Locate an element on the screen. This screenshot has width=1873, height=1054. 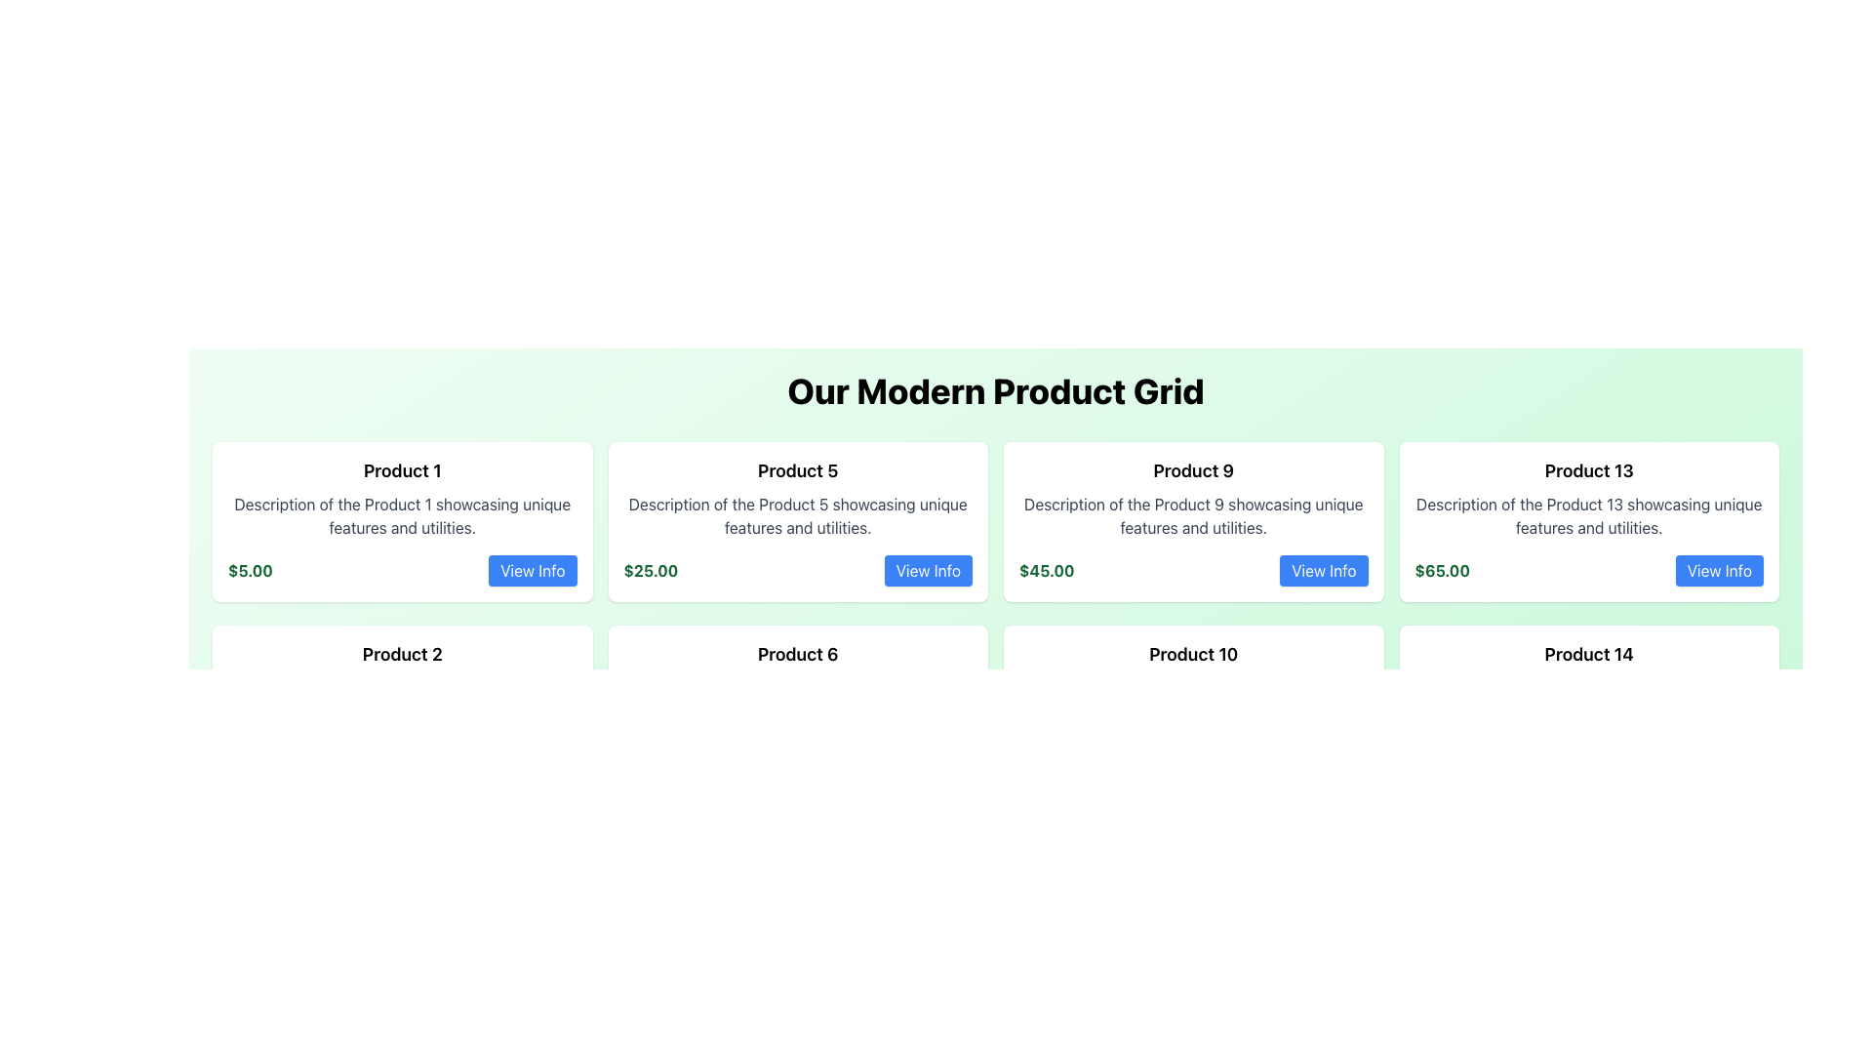
the text label displaying the price '$25.00' for 'Product 5', which is located to the left of the 'View Info' button is located at coordinates (651, 571).